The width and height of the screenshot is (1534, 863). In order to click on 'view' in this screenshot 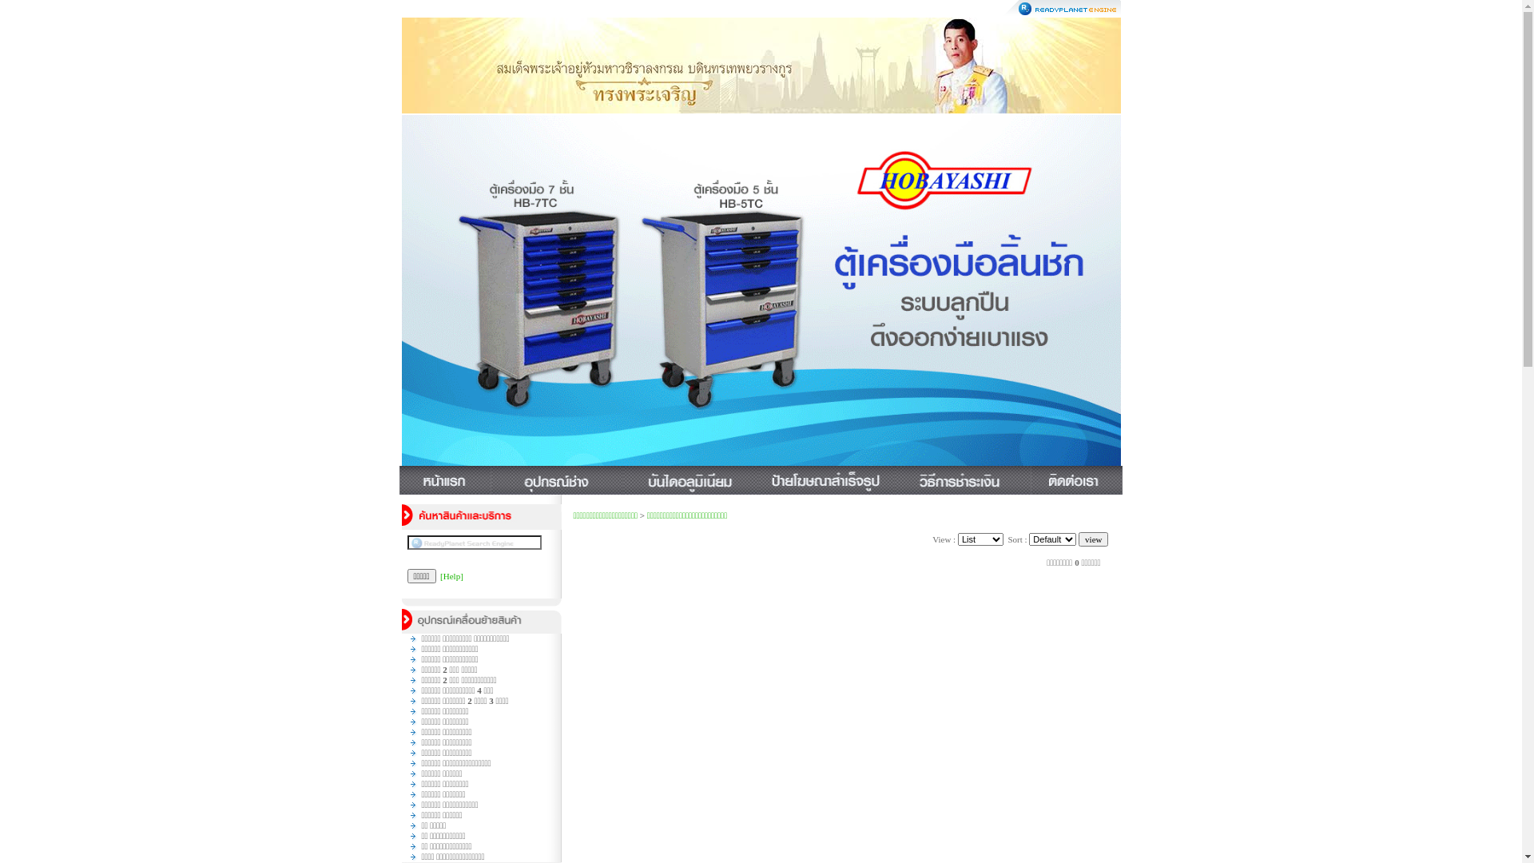, I will do `click(1092, 539)`.